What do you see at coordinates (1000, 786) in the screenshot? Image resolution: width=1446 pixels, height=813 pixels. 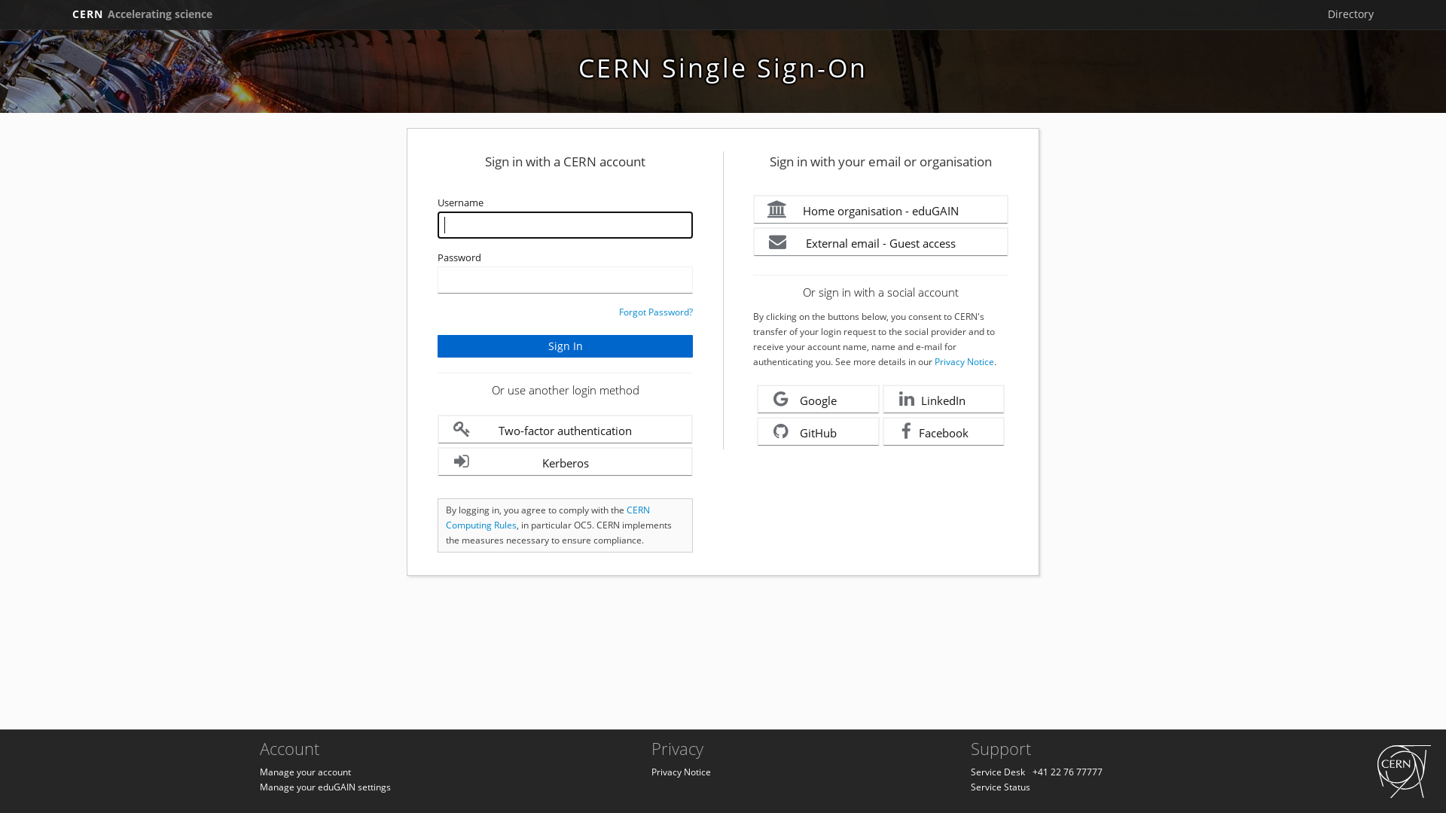 I see `'Service Status'` at bounding box center [1000, 786].